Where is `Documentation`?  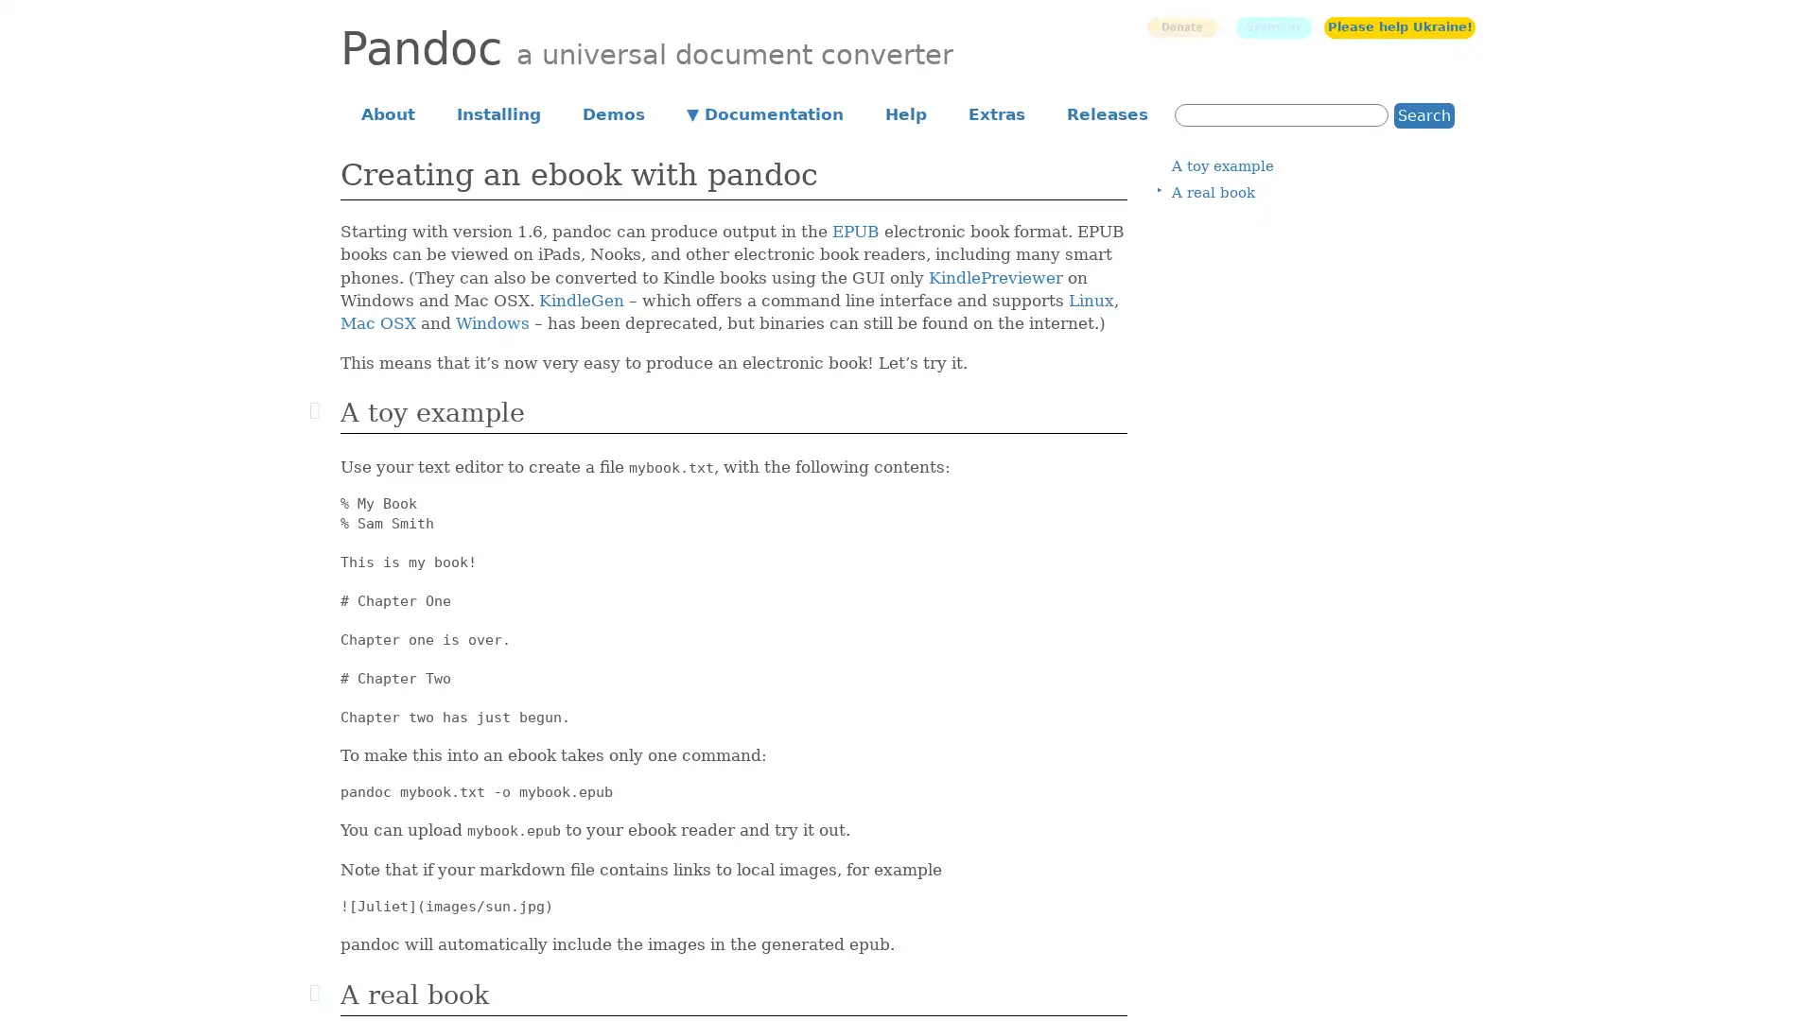
Documentation is located at coordinates (765, 112).